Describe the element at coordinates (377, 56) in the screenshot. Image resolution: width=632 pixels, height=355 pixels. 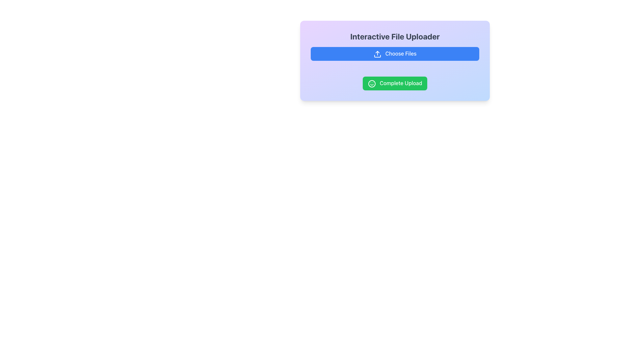
I see `the bottom-most horizontal rectangle line of the SVG icon that represents the base of an upload symbol` at that location.